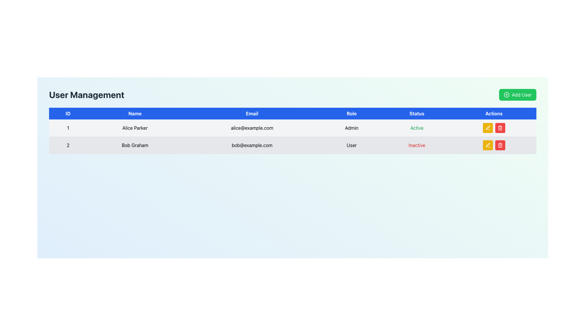 Image resolution: width=564 pixels, height=317 pixels. What do you see at coordinates (352, 113) in the screenshot?
I see `the 'Role' header label in the table, which is the fourth column header located between the 'Email' and 'Status' headers` at bounding box center [352, 113].